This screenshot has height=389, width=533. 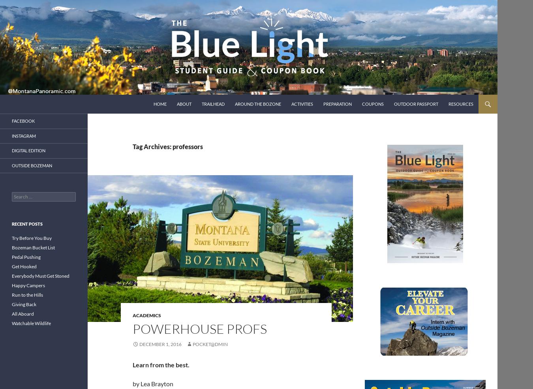 What do you see at coordinates (235, 104) in the screenshot?
I see `'Around the Bozone'` at bounding box center [235, 104].